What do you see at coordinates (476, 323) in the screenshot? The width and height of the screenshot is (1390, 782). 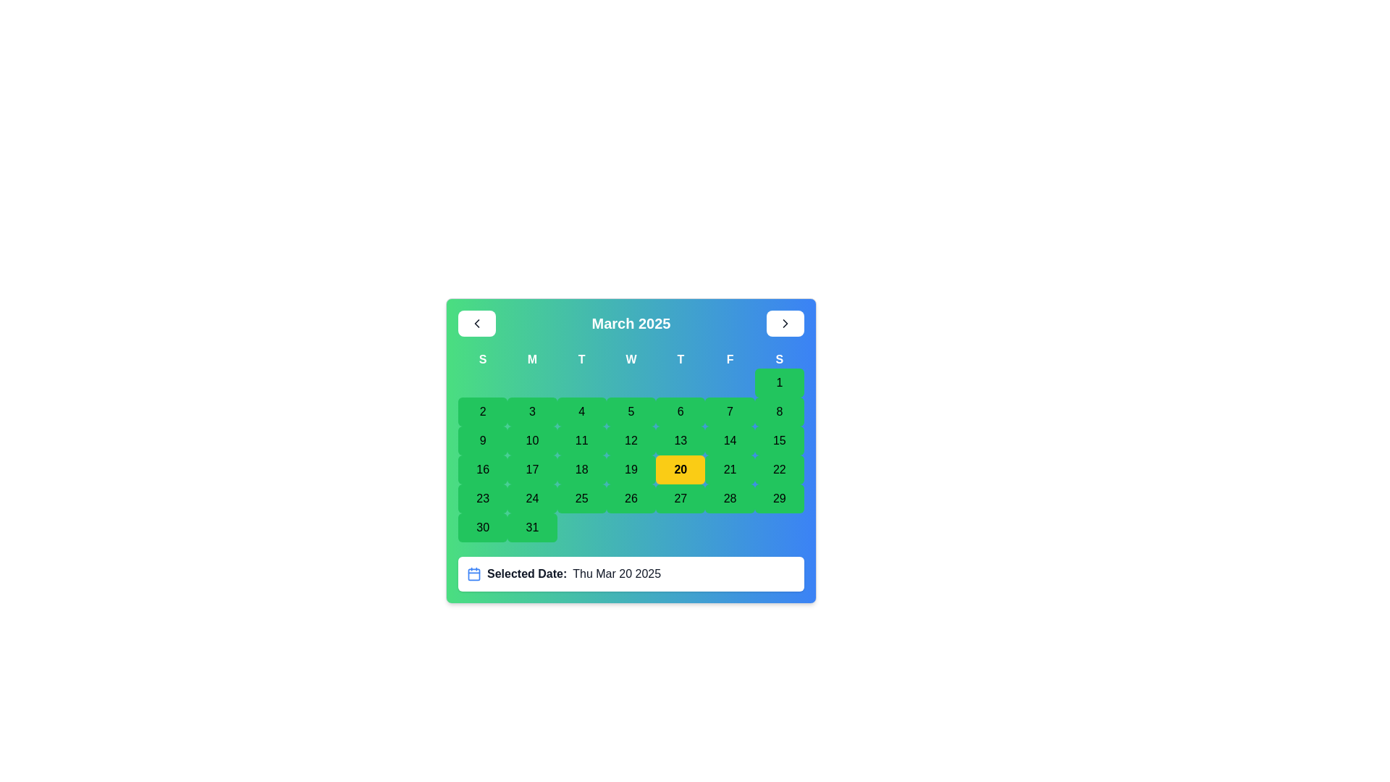 I see `the button located to the left of the 'March 2025' text in the top-left corner of the calendar` at bounding box center [476, 323].